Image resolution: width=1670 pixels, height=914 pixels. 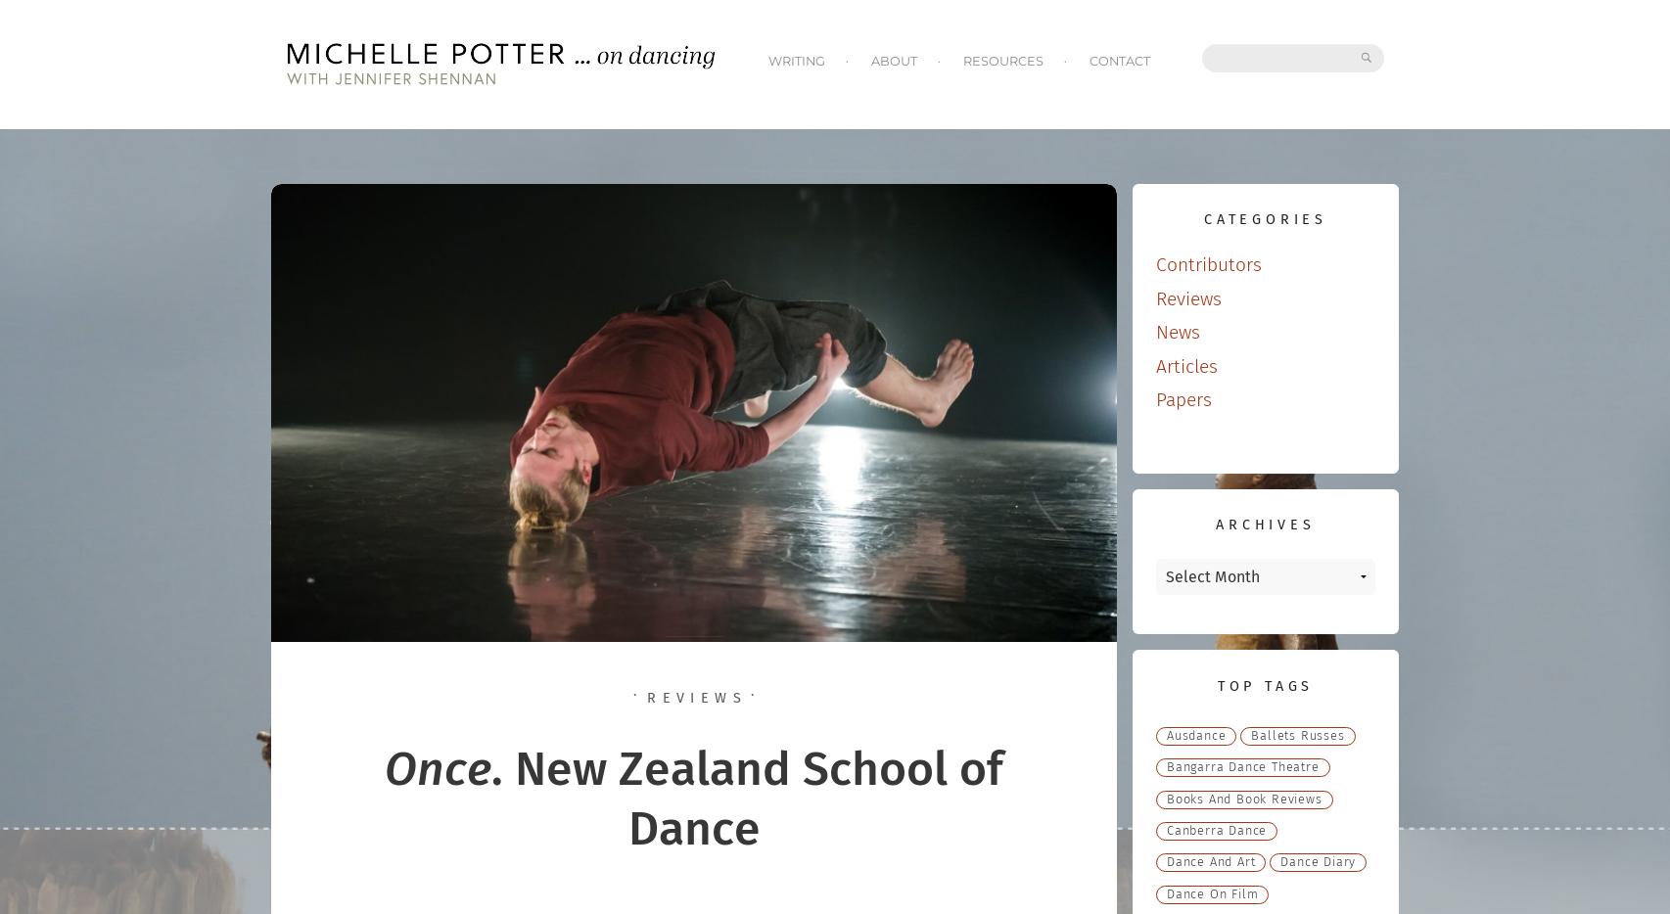 What do you see at coordinates (1186, 365) in the screenshot?
I see `'Articles'` at bounding box center [1186, 365].